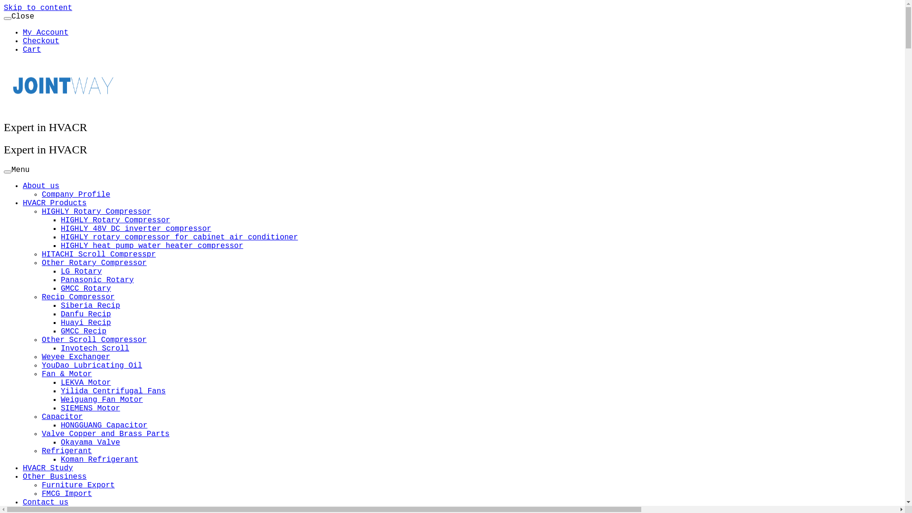 This screenshot has width=912, height=513. Describe the element at coordinates (95, 348) in the screenshot. I see `'Invotech Scroll'` at that location.